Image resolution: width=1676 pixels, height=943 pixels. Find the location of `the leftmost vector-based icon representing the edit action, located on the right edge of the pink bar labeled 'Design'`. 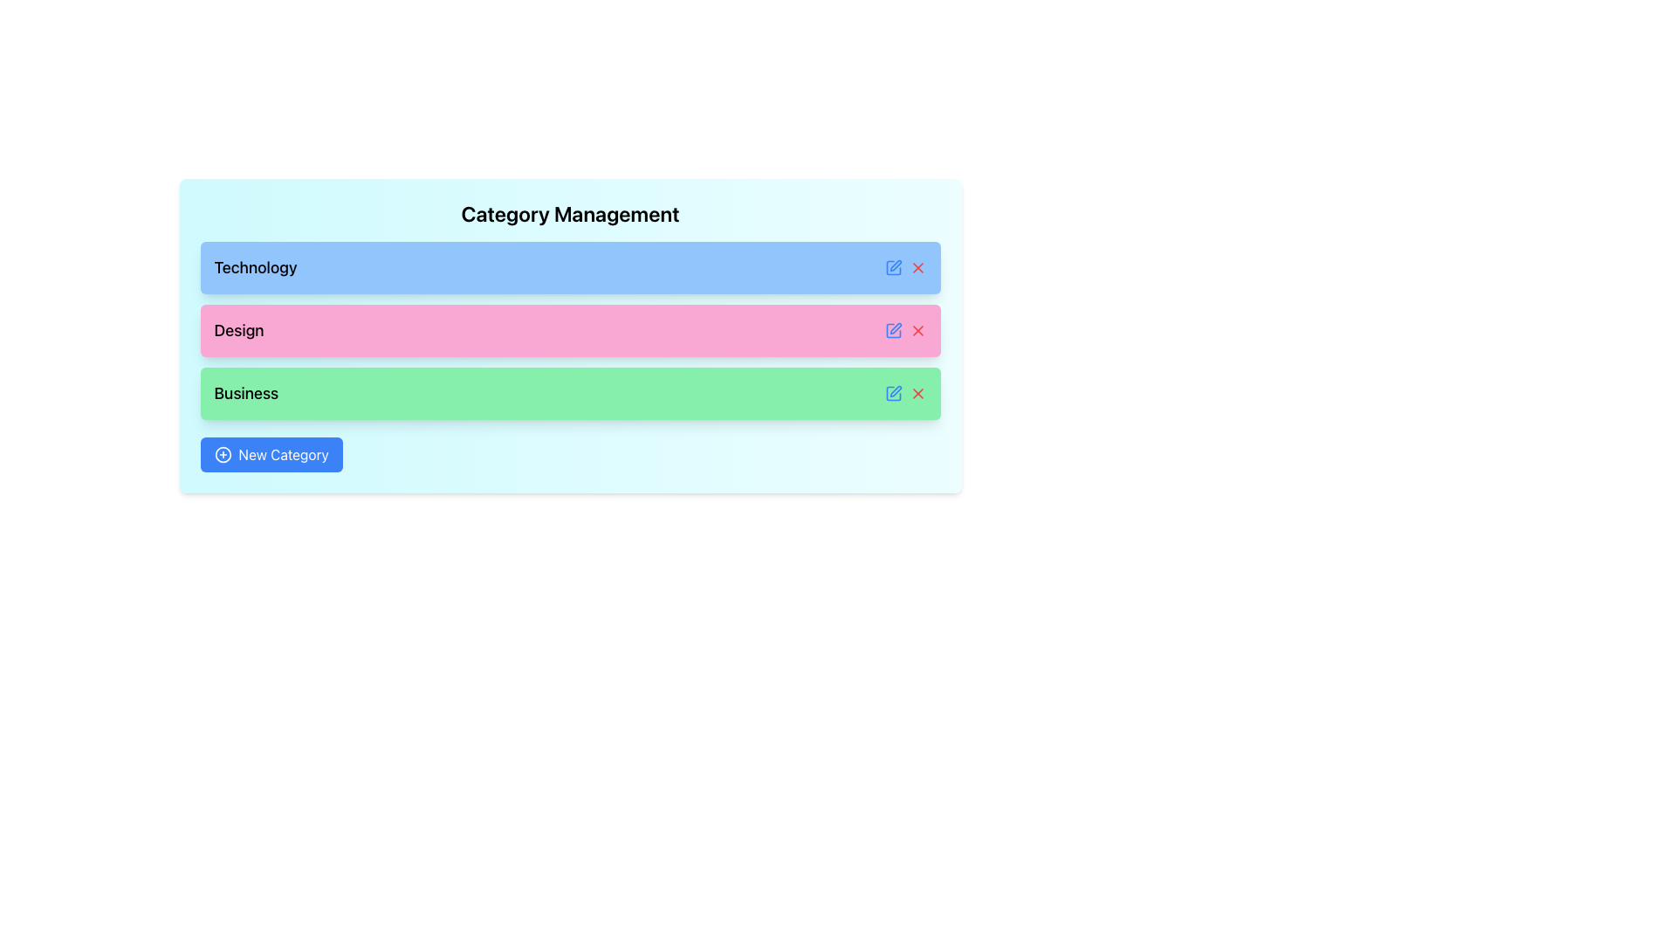

the leftmost vector-based icon representing the edit action, located on the right edge of the pink bar labeled 'Design' is located at coordinates (893, 330).